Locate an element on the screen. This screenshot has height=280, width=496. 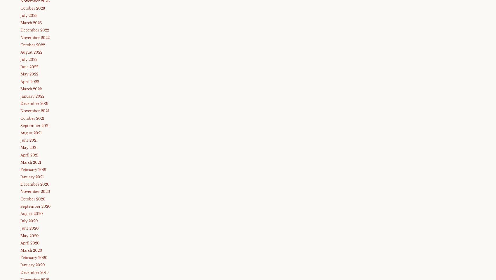
'November 2022' is located at coordinates (35, 37).